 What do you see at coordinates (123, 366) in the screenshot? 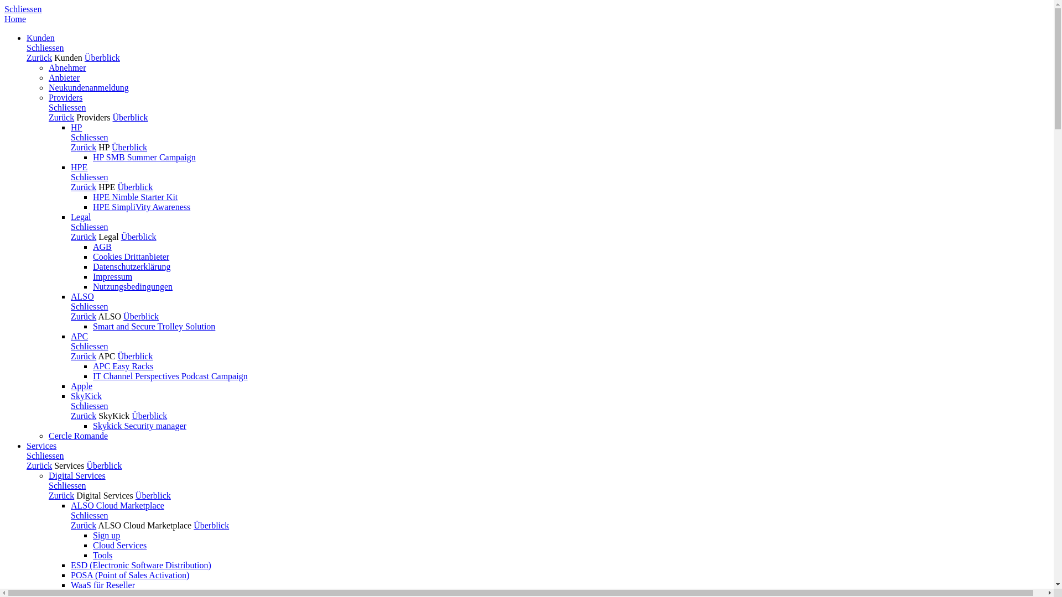
I see `'APC Easy Racks'` at bounding box center [123, 366].